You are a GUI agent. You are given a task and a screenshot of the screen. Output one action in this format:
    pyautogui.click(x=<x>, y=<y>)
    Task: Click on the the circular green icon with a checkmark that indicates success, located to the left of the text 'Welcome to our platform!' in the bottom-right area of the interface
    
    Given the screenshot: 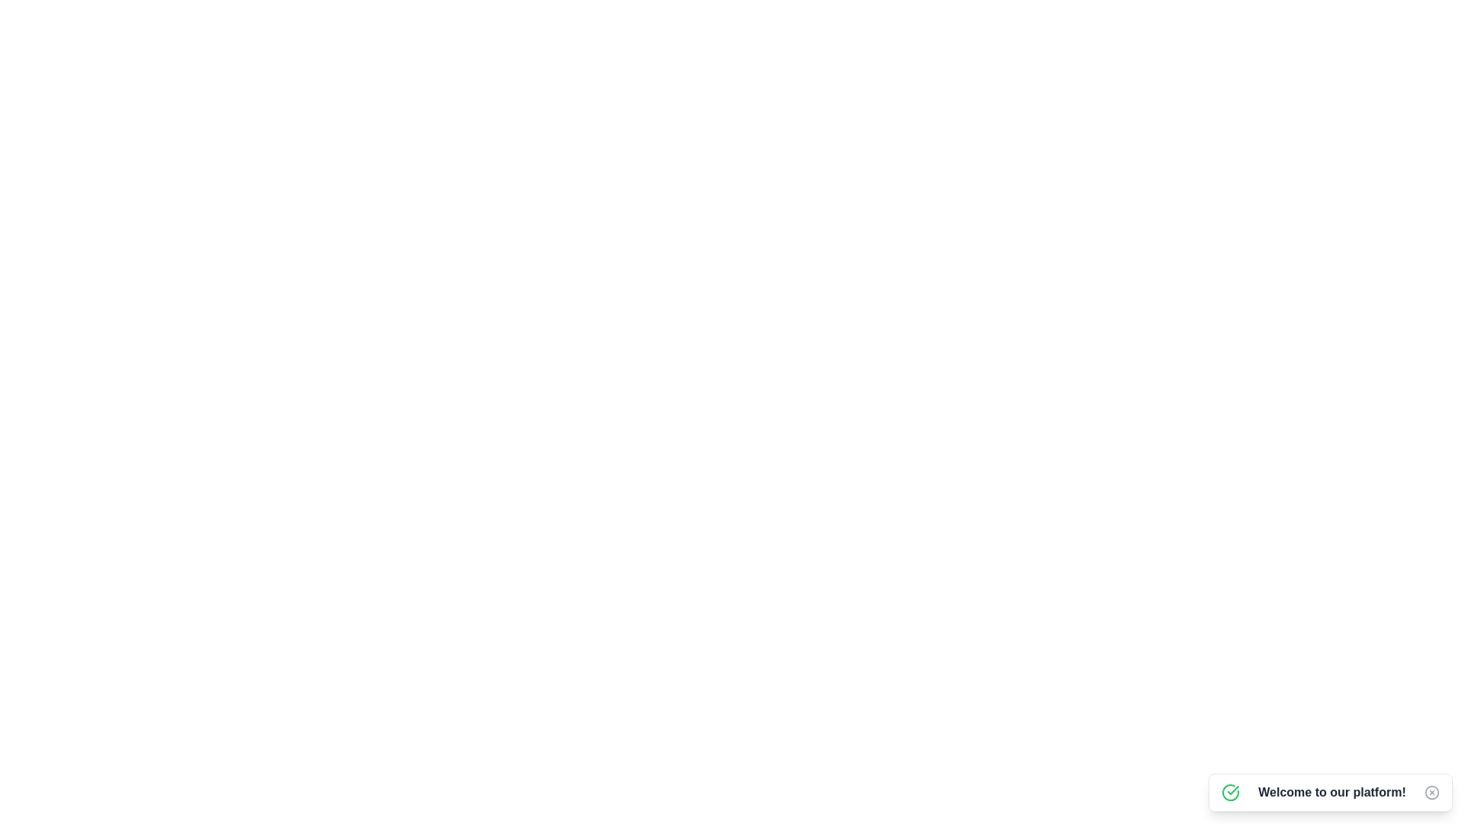 What is the action you would take?
    pyautogui.click(x=1230, y=791)
    